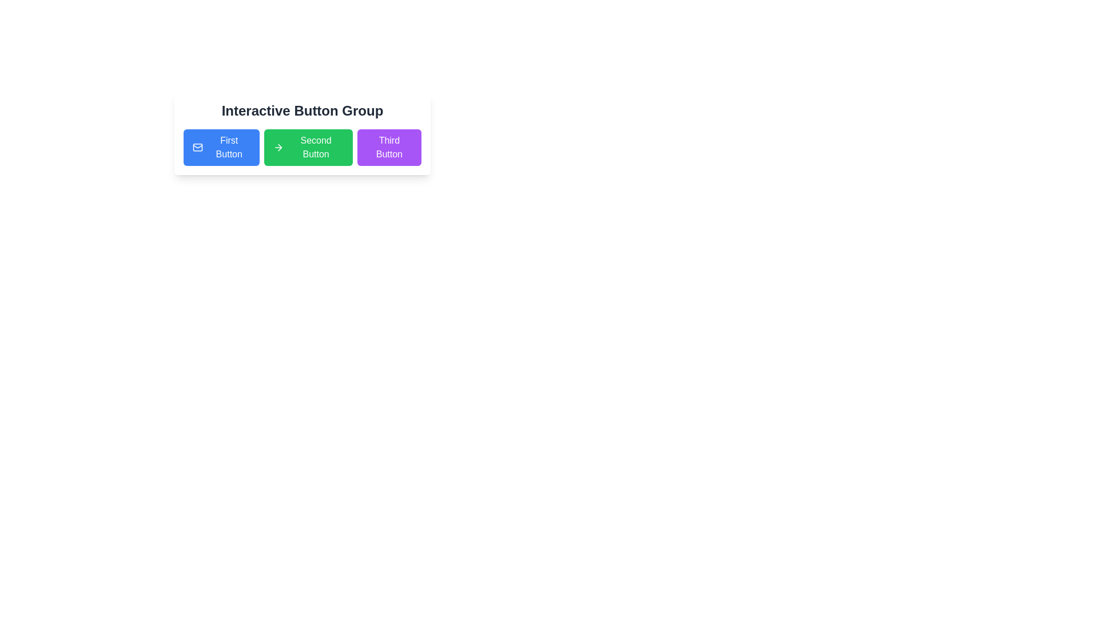 Image resolution: width=1098 pixels, height=618 pixels. Describe the element at coordinates (389, 147) in the screenshot. I see `the purple button labeled 'Third Button'` at that location.